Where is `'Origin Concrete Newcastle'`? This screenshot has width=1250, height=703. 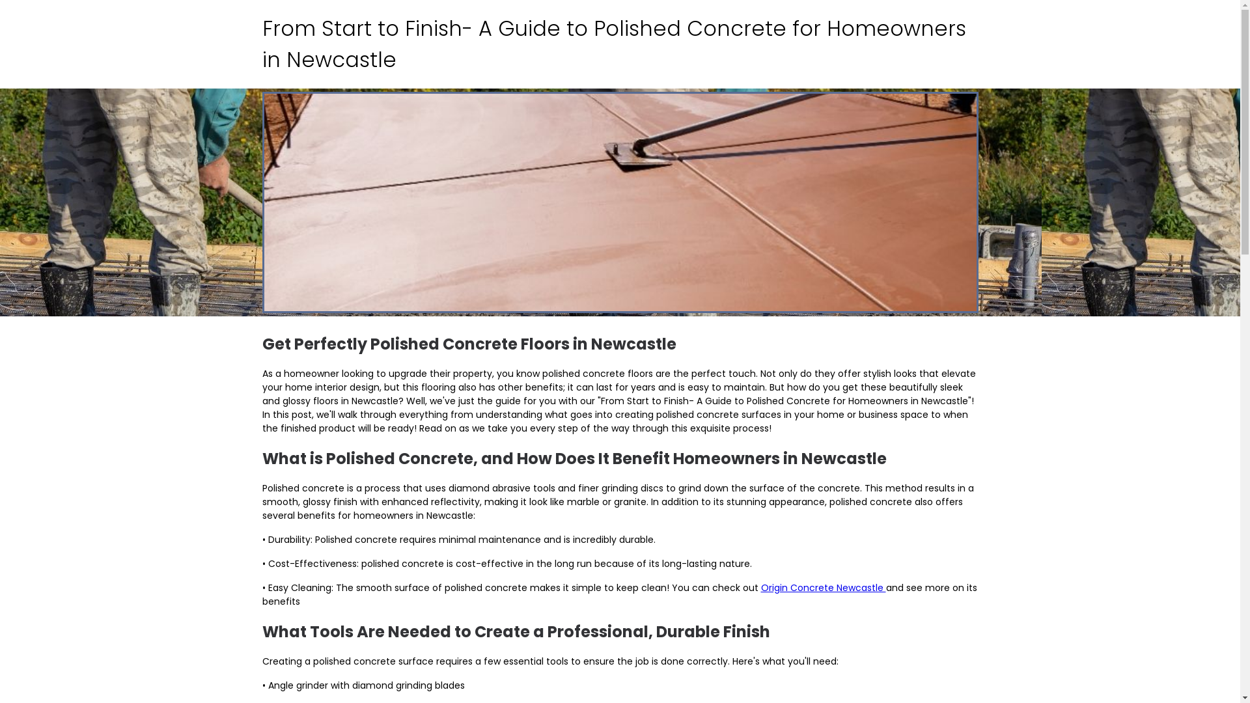
'Origin Concrete Newcastle' is located at coordinates (822, 587).